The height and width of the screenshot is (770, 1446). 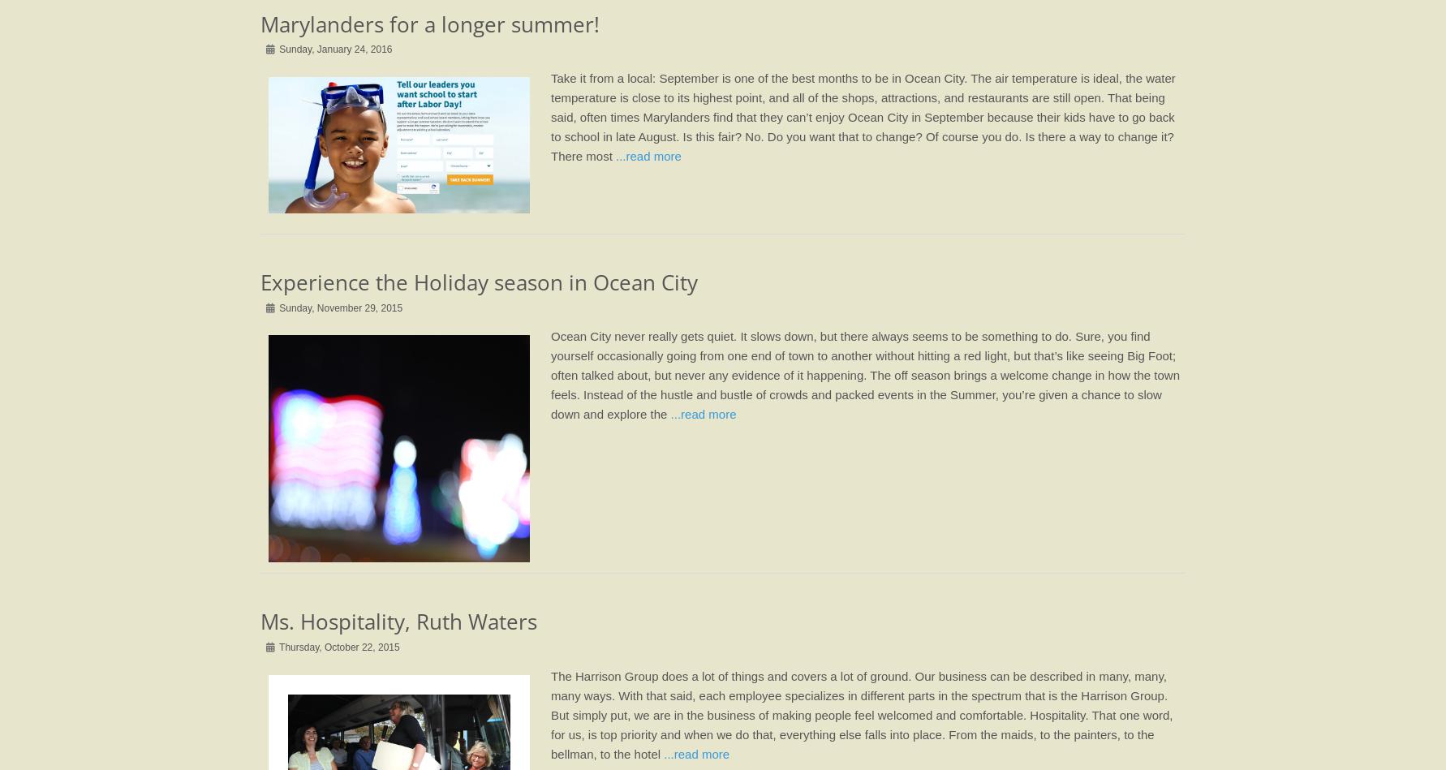 What do you see at coordinates (276, 308) in the screenshot?
I see `'Sunday, November 29, 2015'` at bounding box center [276, 308].